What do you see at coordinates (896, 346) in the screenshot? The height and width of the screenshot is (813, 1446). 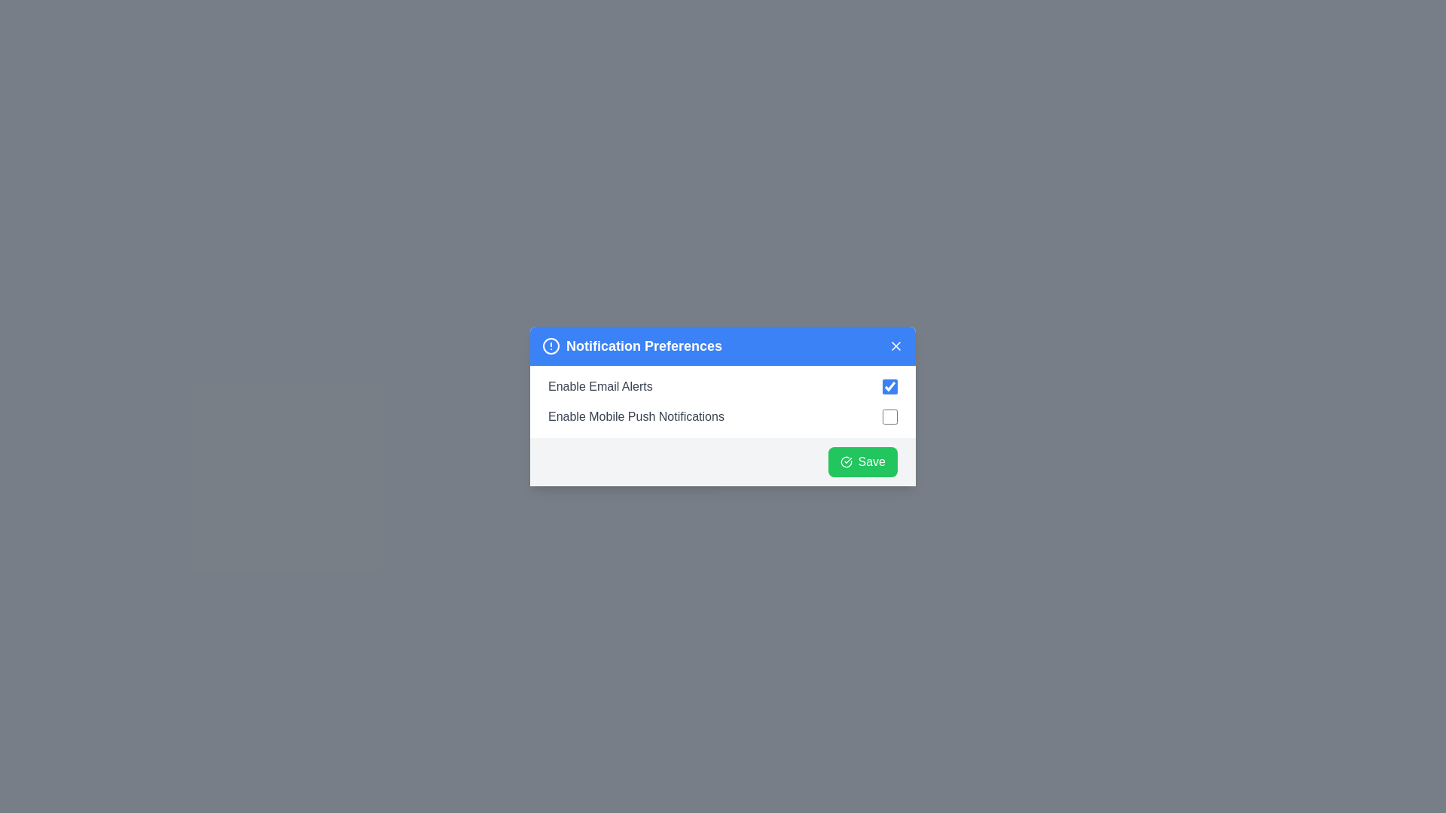 I see `the Close icon button, which is a small 'X' icon on a blue background located at the top-right corner of the 'Notification Preferences' dialog` at bounding box center [896, 346].